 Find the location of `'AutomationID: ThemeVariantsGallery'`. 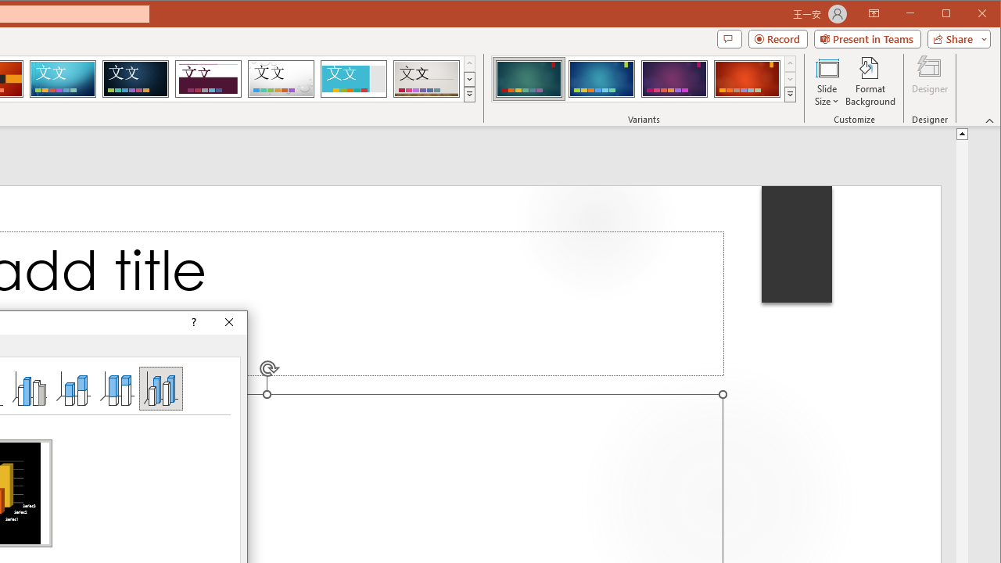

'AutomationID: ThemeVariantsGallery' is located at coordinates (644, 79).